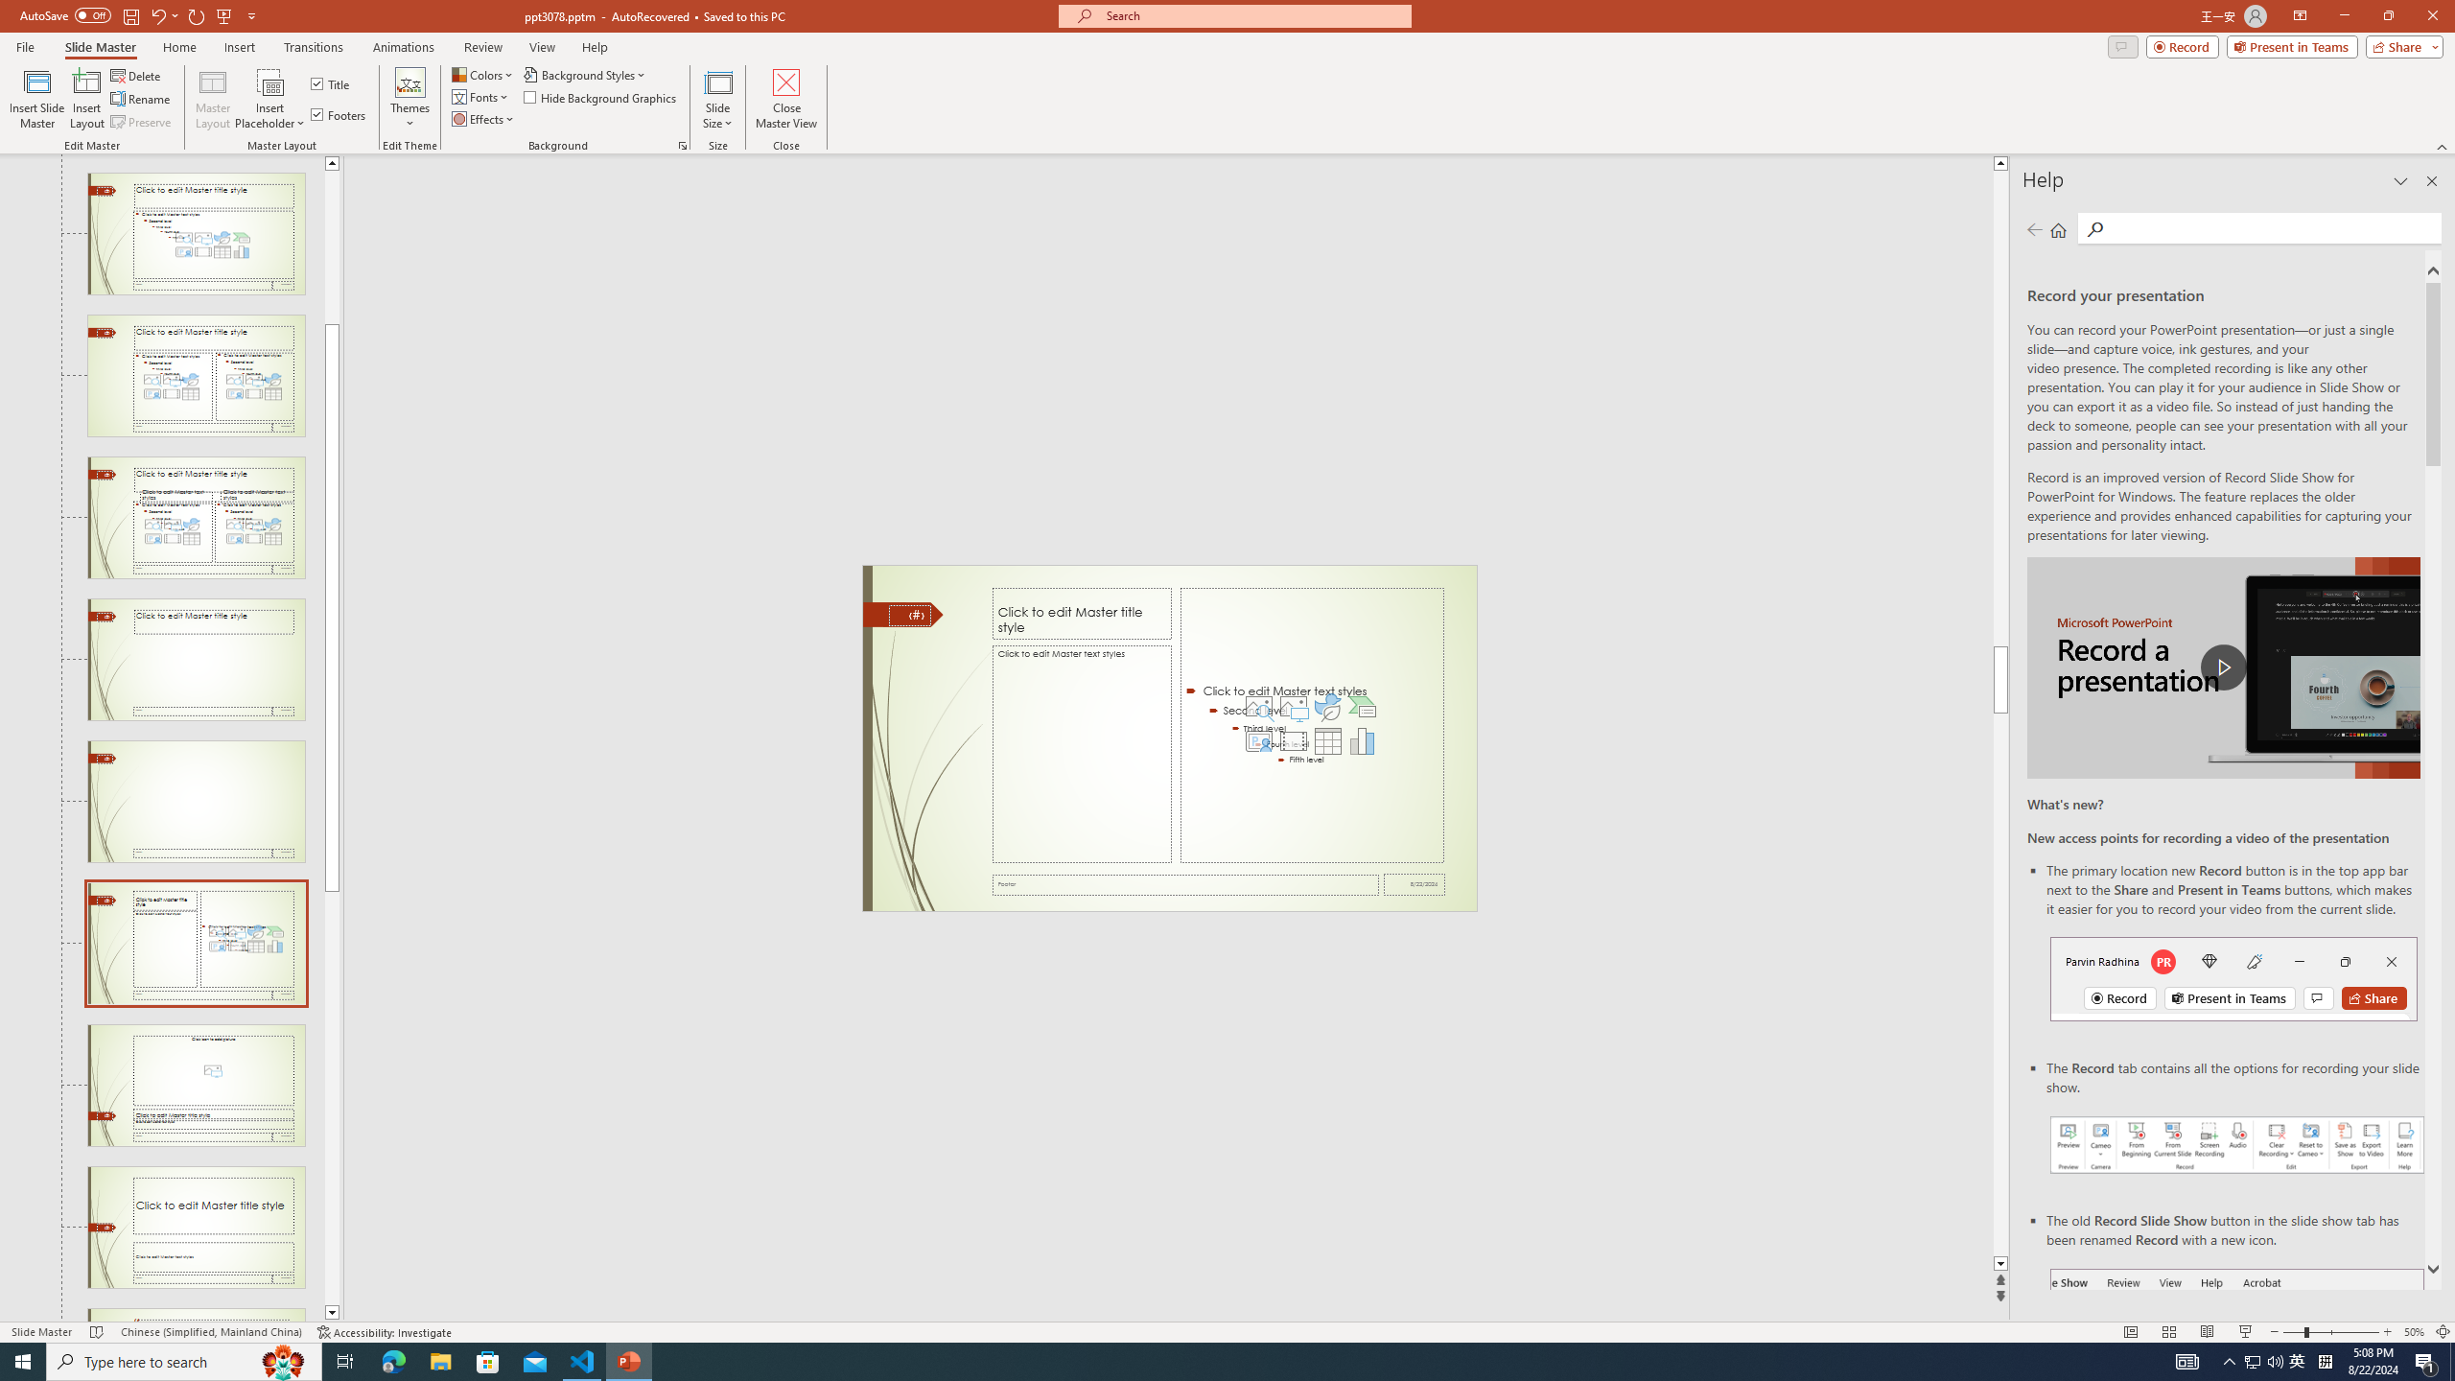 Image resolution: width=2455 pixels, height=1381 pixels. I want to click on 'Slide Title Only Layout: used by no slides', so click(195, 660).